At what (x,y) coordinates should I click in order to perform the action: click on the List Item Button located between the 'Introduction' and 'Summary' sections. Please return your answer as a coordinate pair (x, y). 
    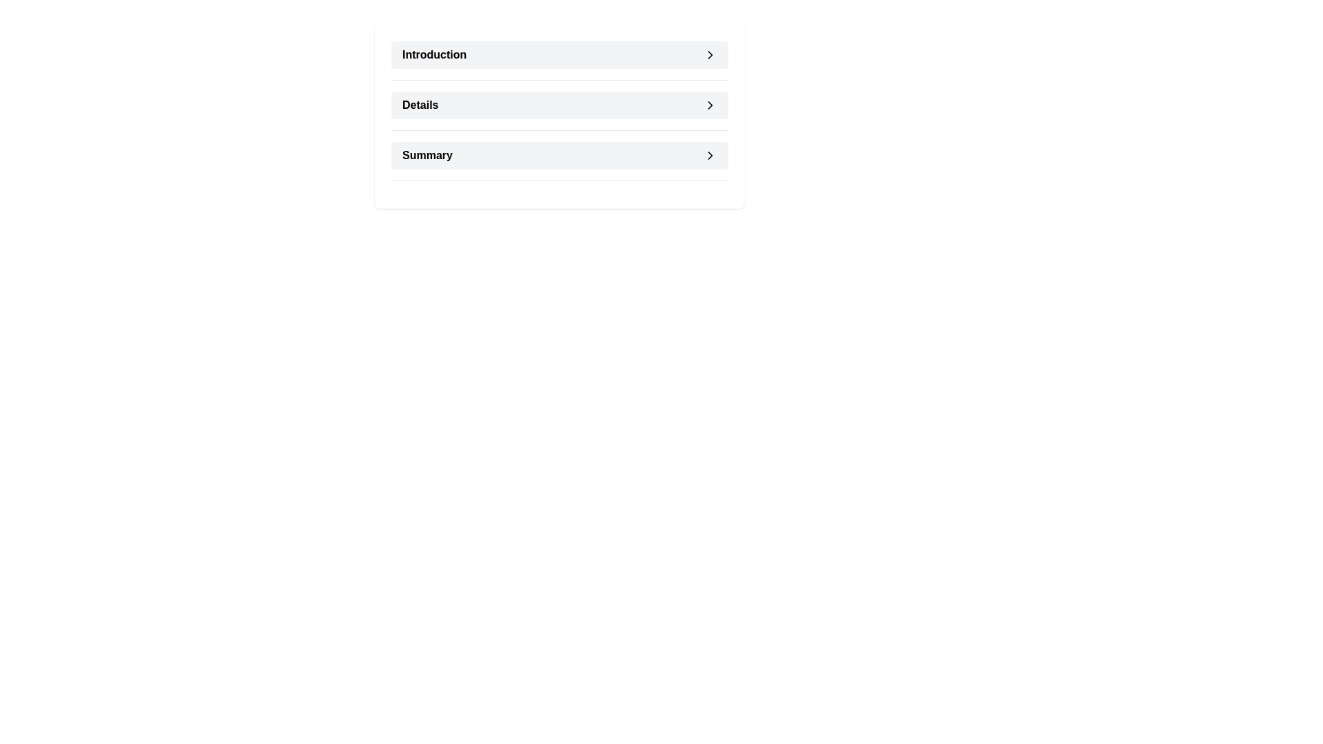
    Looking at the image, I should click on (560, 110).